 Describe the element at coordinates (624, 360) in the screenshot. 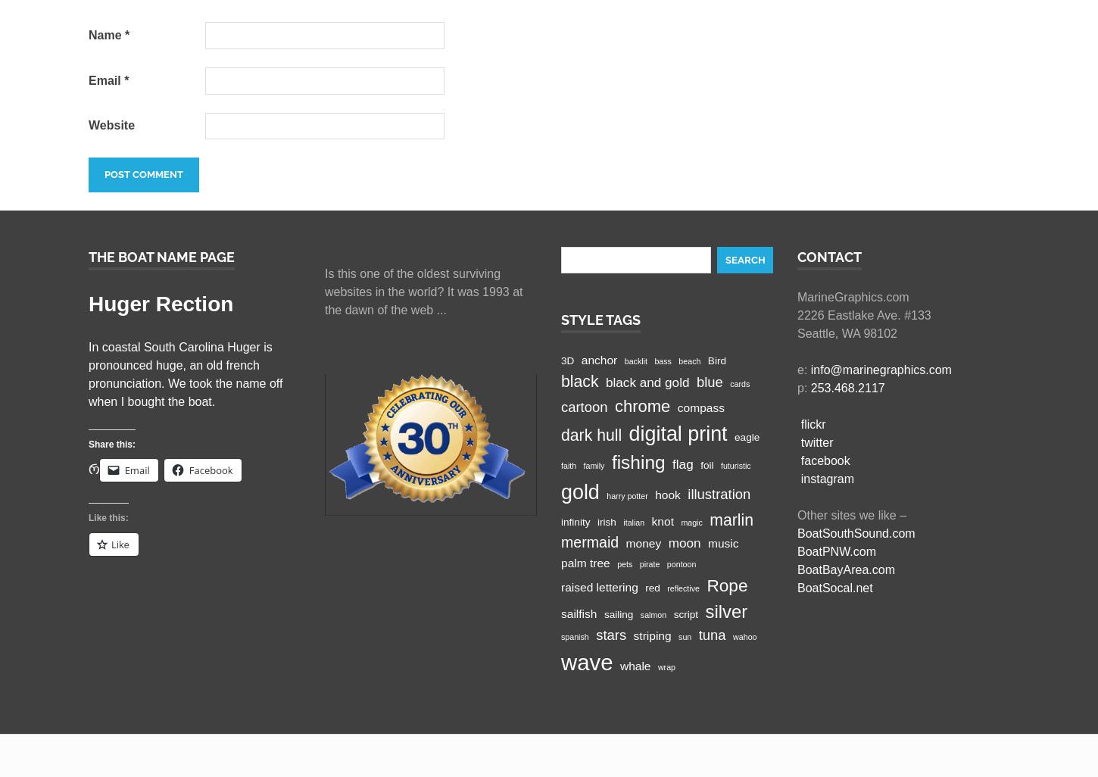

I see `'backlit'` at that location.